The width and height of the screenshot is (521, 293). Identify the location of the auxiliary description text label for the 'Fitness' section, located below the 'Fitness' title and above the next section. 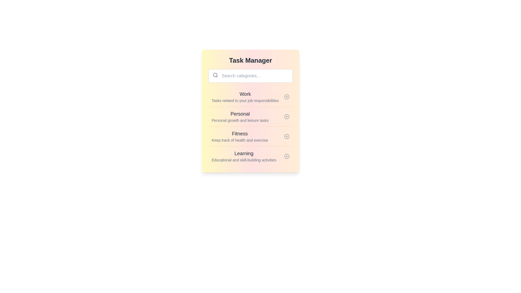
(239, 140).